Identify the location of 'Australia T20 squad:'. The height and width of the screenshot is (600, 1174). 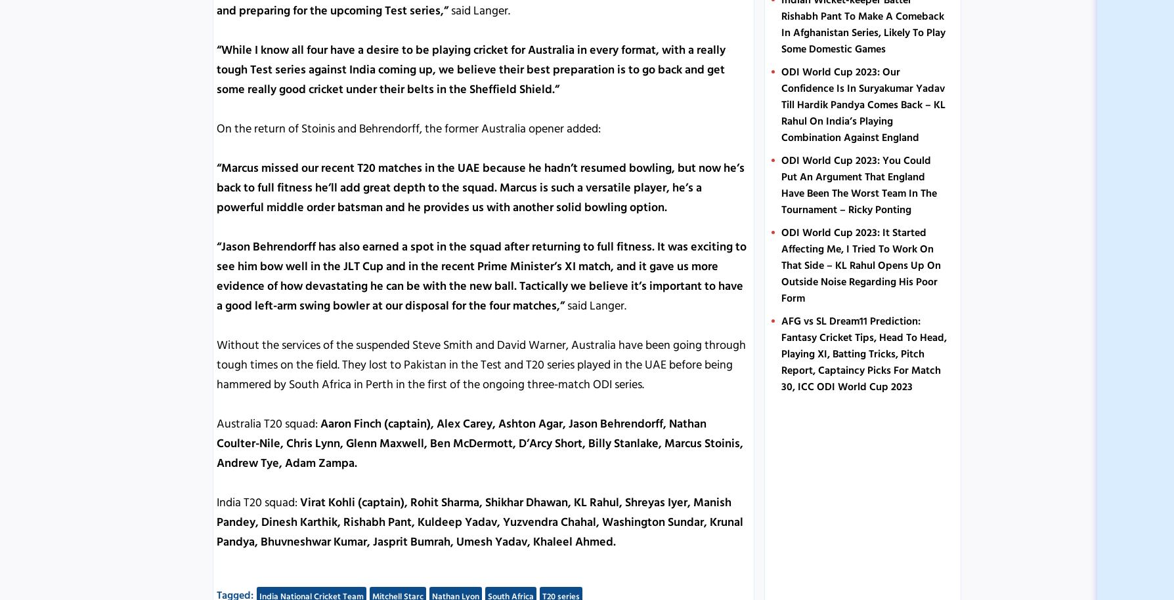
(216, 423).